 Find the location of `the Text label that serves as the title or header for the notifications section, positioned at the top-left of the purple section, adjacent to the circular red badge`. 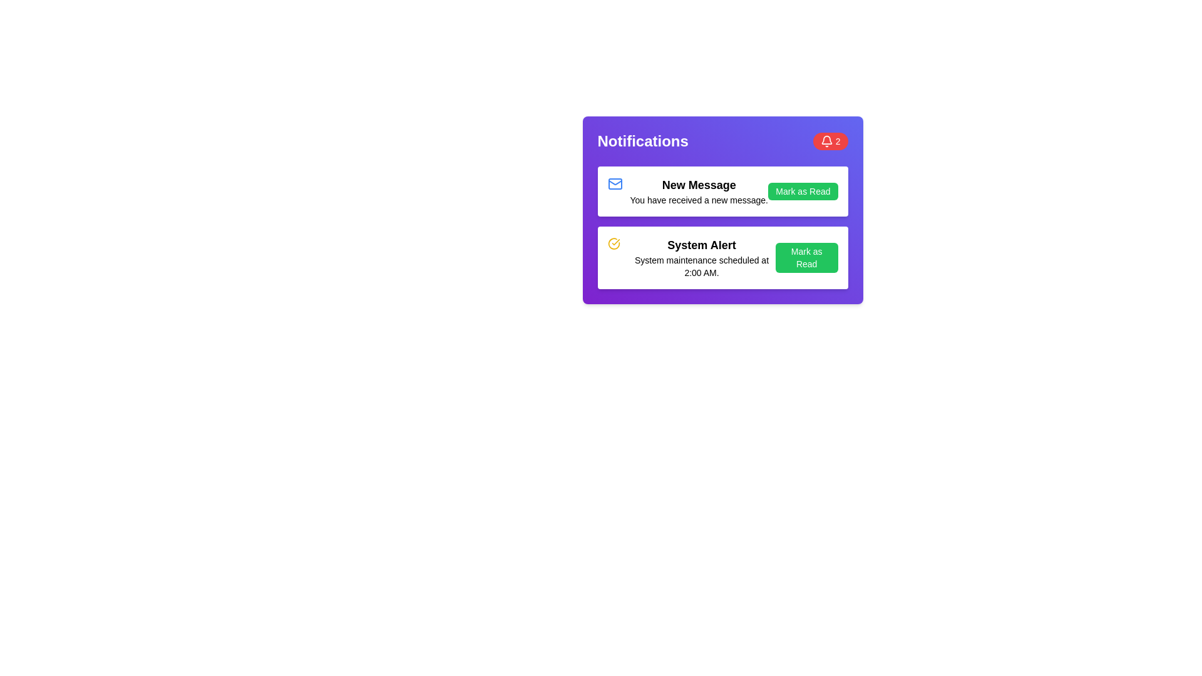

the Text label that serves as the title or header for the notifications section, positioned at the top-left of the purple section, adjacent to the circular red badge is located at coordinates (643, 141).